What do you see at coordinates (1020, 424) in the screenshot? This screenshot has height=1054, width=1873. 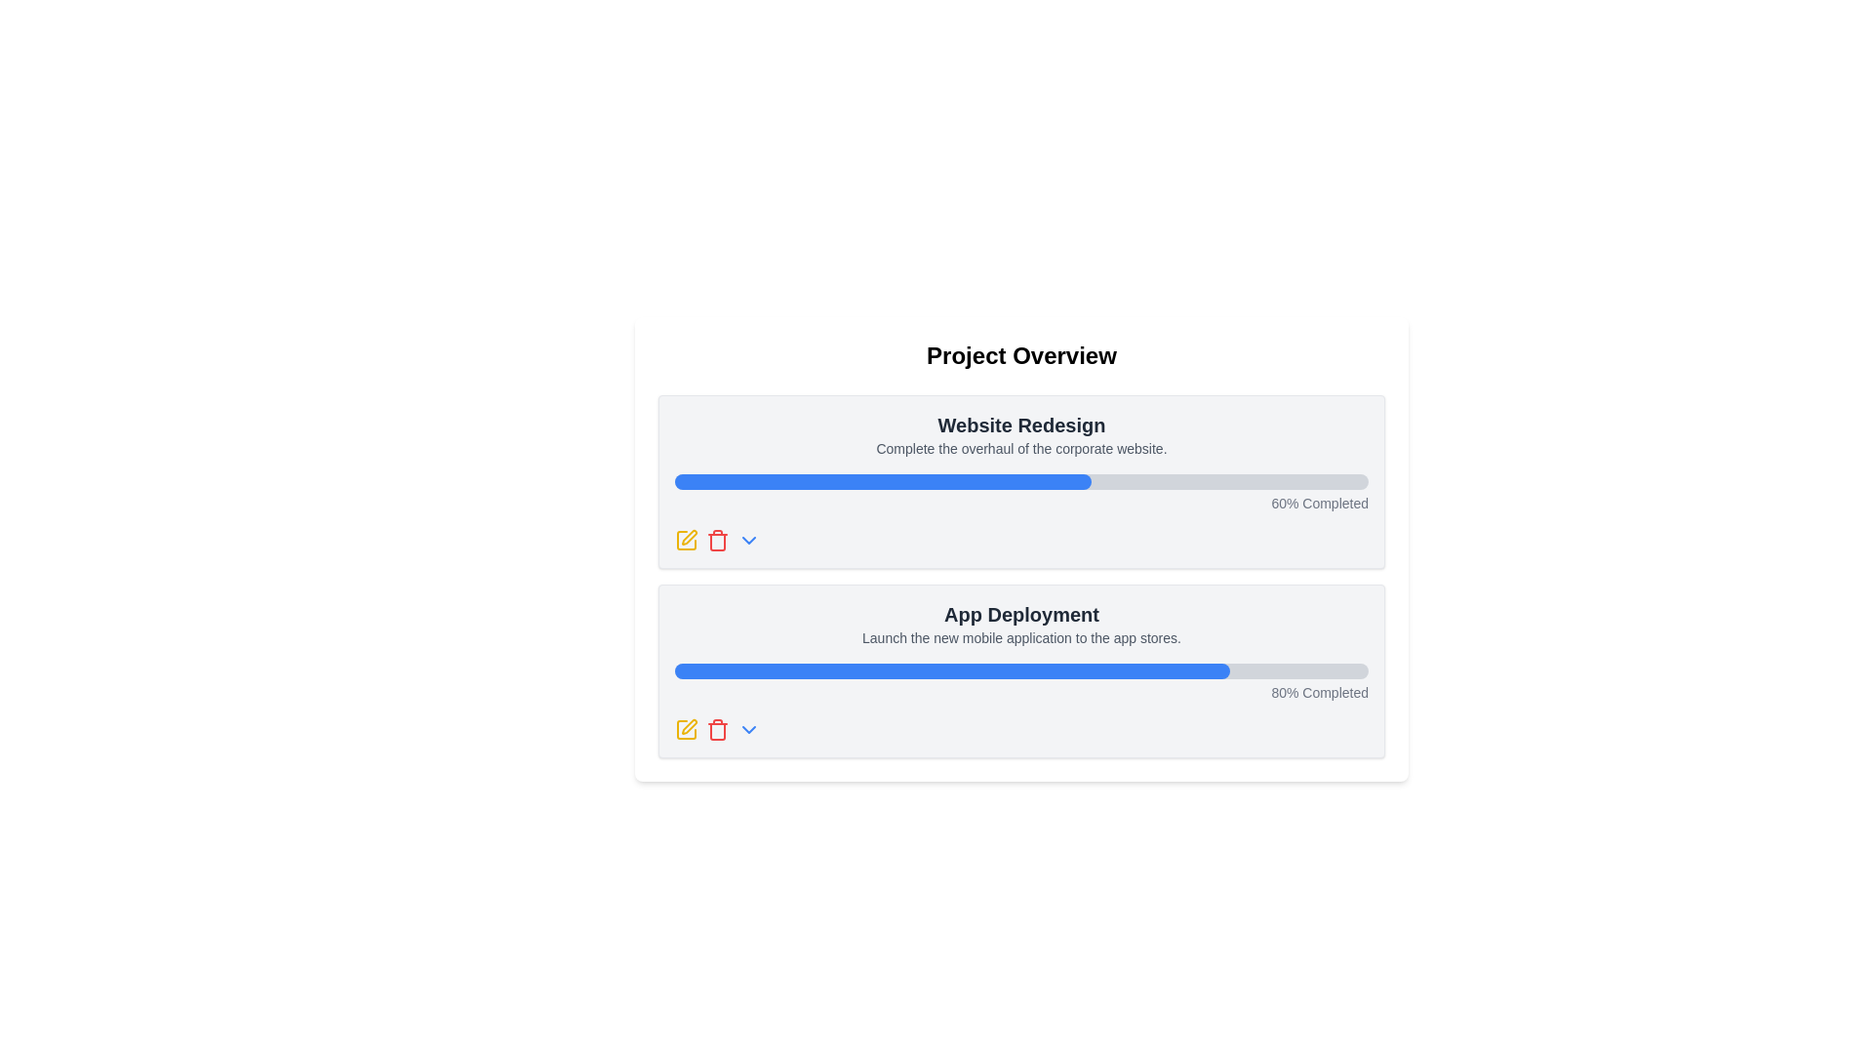 I see `the text label 'Website Redesign', which is styled in a larger bold font and dark gray color, centrally aligned under the main heading 'Project Overview'` at bounding box center [1020, 424].